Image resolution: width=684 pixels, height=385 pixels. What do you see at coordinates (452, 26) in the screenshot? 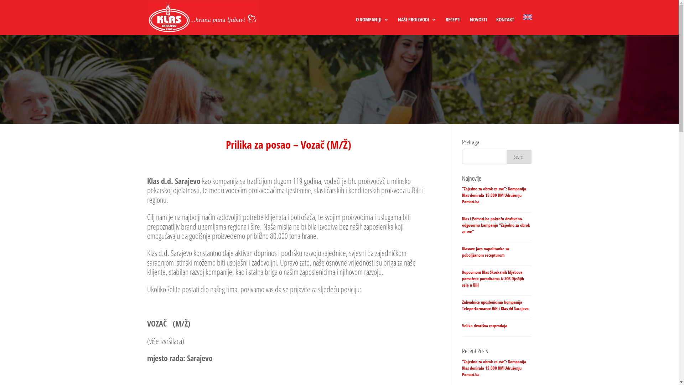
I see `'RECEPTI'` at bounding box center [452, 26].